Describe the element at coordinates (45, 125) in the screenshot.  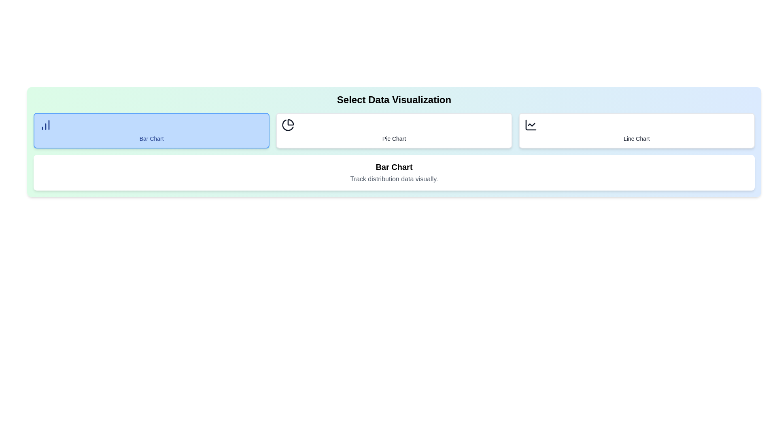
I see `the icon resembling a bar chart located in the top-left corner of the blue box labeled 'Bar Chart'` at that location.